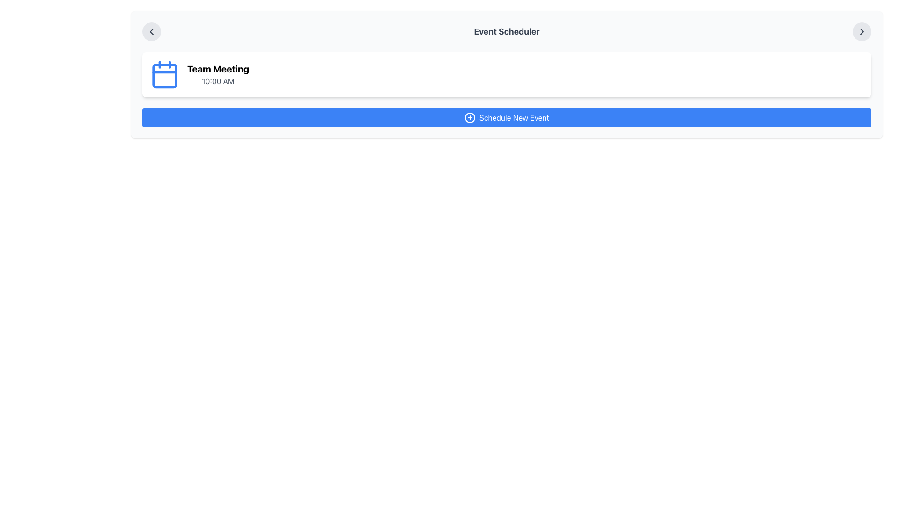 This screenshot has width=899, height=505. What do you see at coordinates (217, 68) in the screenshot?
I see `the text label that serves as the title of the event, positioned at the top of the card, above the '10:00 AM' text and to the right of a blue calendar icon` at bounding box center [217, 68].